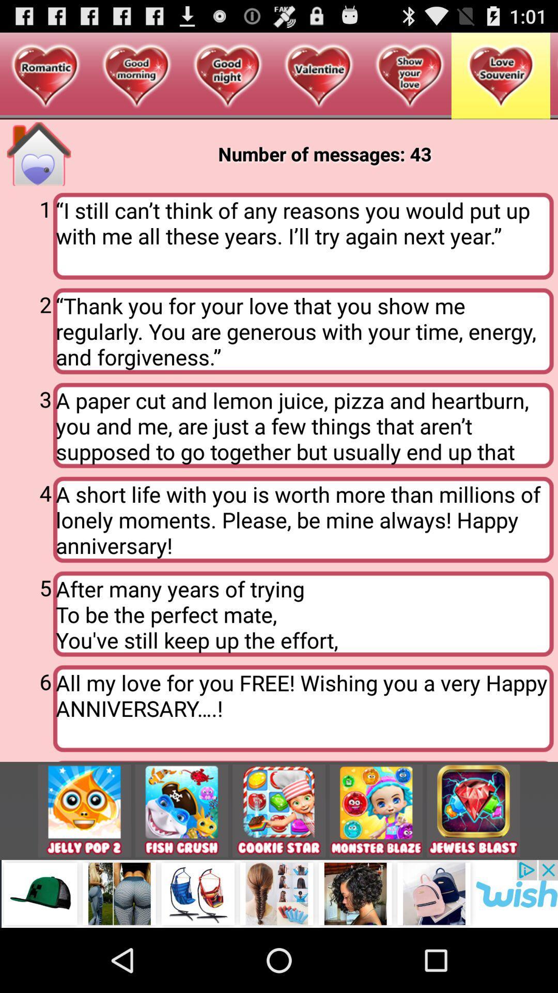 The height and width of the screenshot is (993, 558). What do you see at coordinates (84, 810) in the screenshot?
I see `the first image at the bottom of the page` at bounding box center [84, 810].